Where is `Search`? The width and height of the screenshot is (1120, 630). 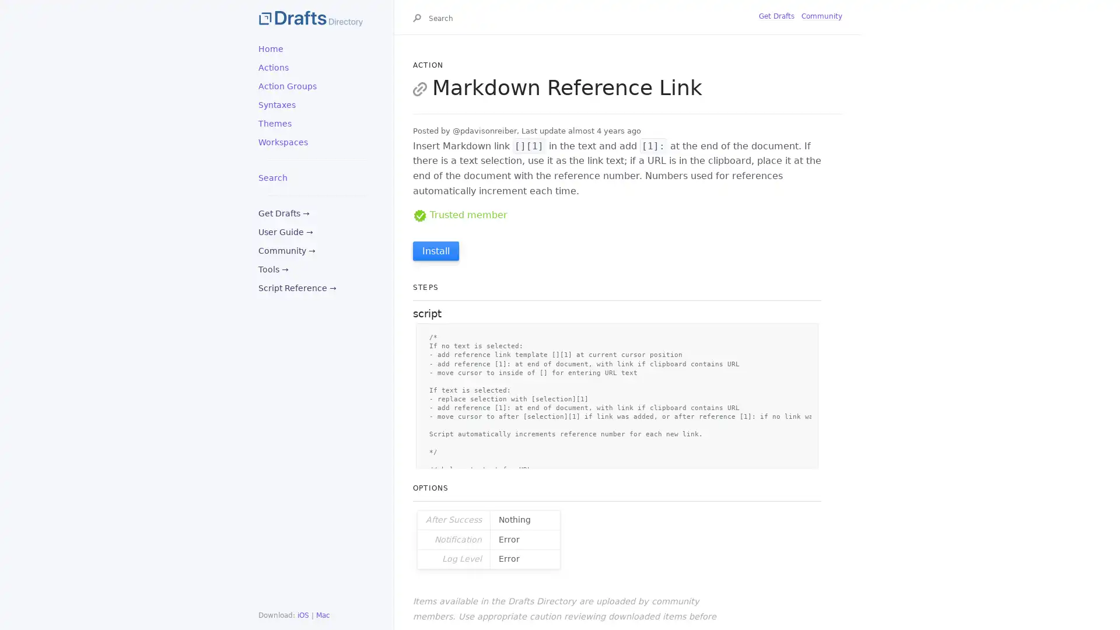 Search is located at coordinates (419, 19).